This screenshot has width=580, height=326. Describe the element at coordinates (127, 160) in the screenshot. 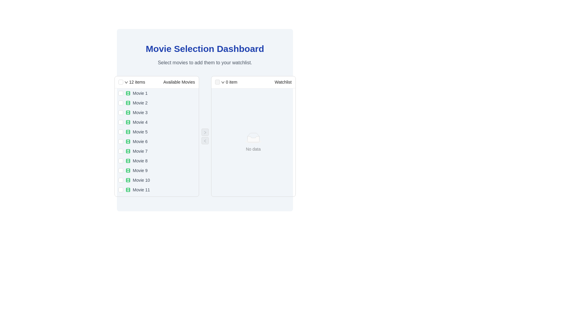

I see `the green film strip icon located to the left of the text 'Movie 8' in the eighth item of the 'Available Movies' list` at that location.